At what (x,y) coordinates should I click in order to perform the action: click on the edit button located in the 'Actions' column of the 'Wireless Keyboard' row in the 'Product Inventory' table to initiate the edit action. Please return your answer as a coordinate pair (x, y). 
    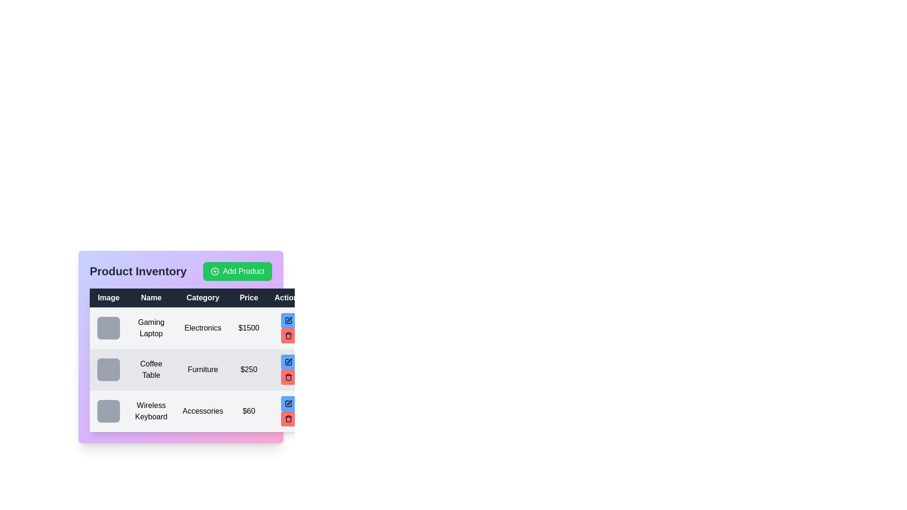
    Looking at the image, I should click on (288, 404).